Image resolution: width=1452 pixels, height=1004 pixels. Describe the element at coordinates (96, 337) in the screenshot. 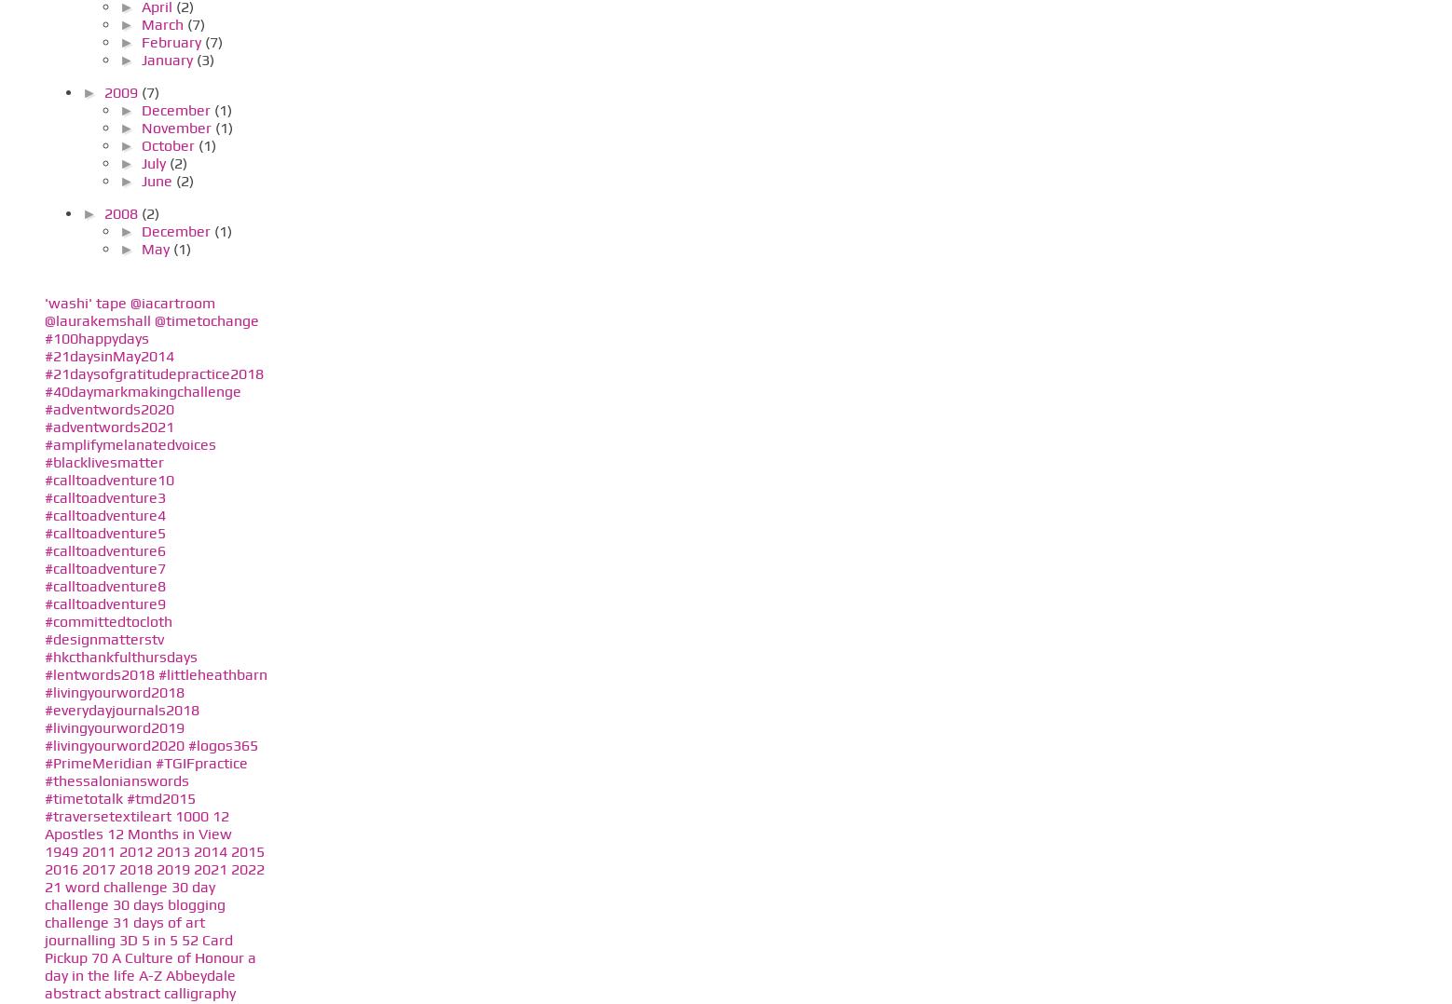

I see `'#100happydays'` at that location.